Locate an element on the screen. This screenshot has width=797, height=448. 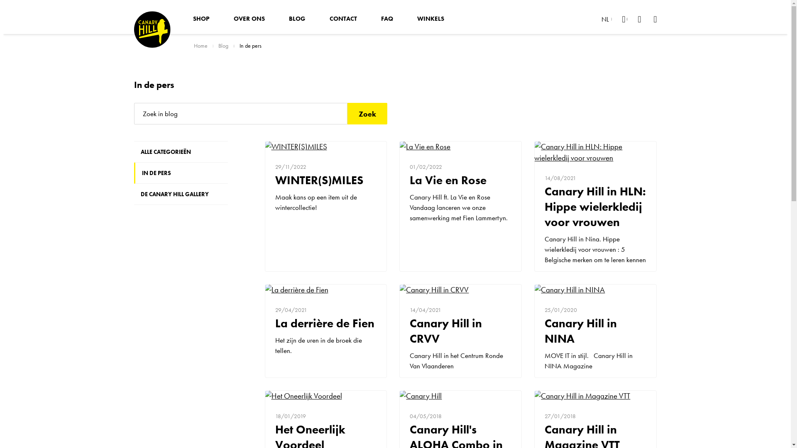
'WINKELS' is located at coordinates (430, 19).